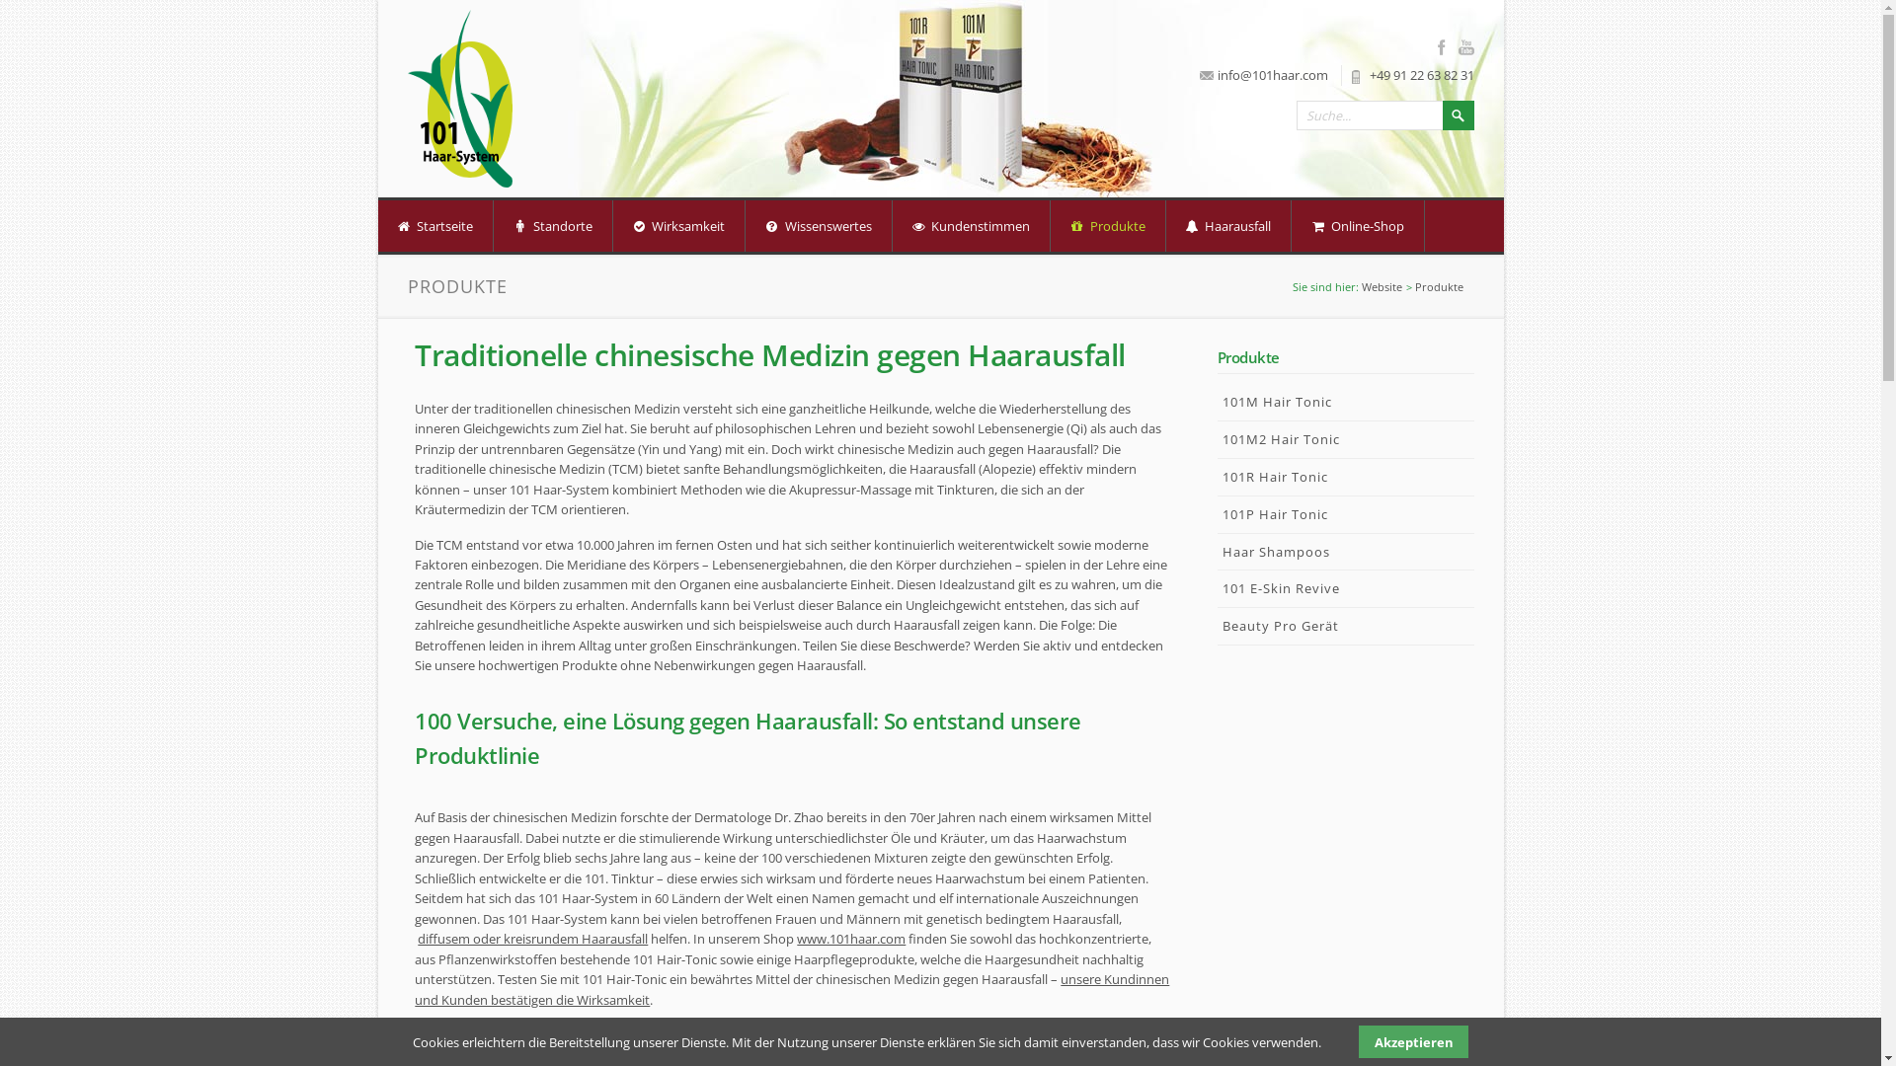  Describe the element at coordinates (1446, 45) in the screenshot. I see `'Facebook'` at that location.